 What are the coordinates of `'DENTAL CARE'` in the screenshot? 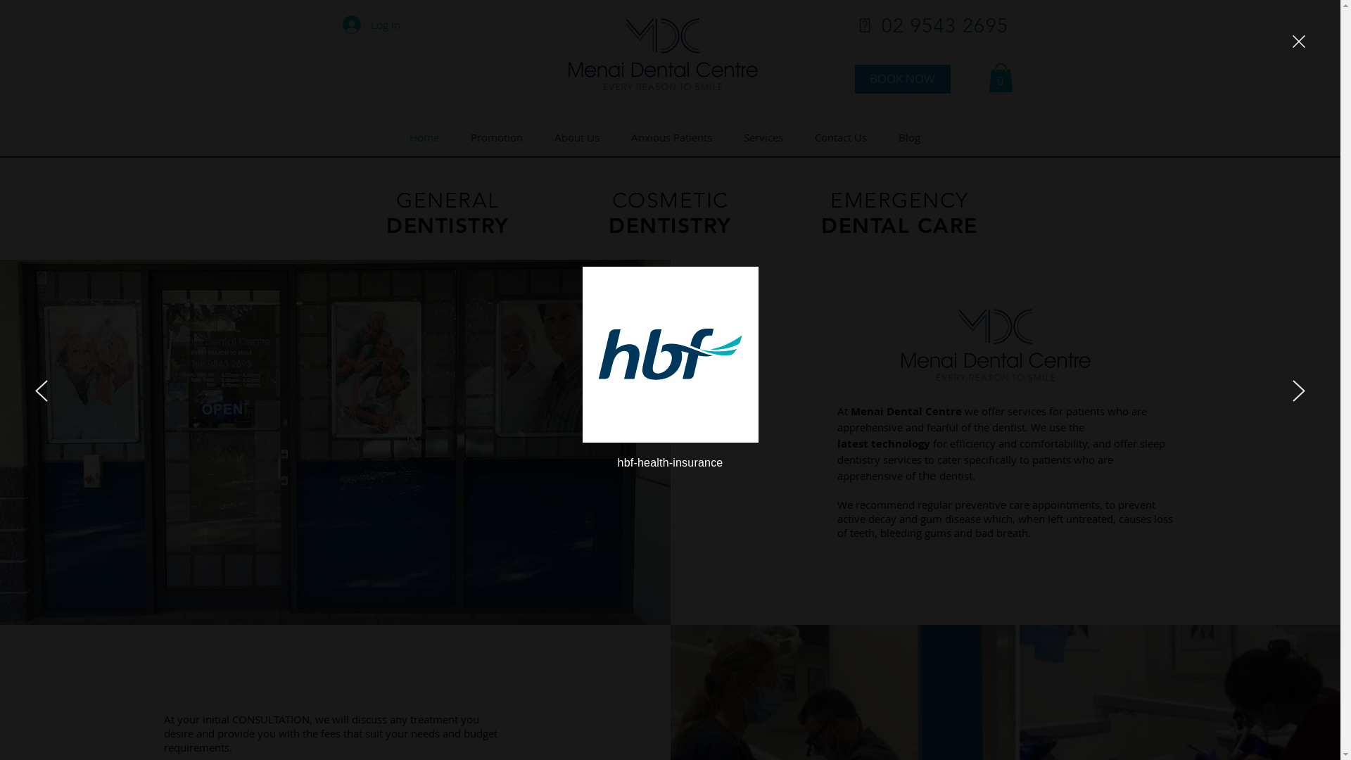 It's located at (820, 224).